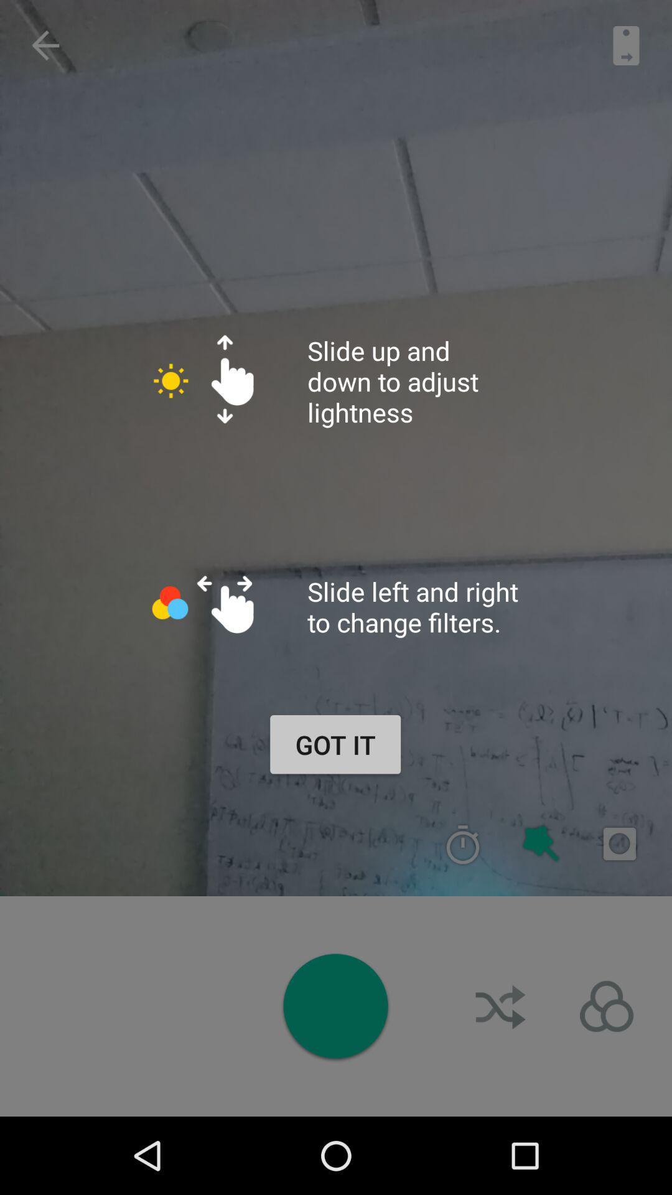  Describe the element at coordinates (45, 45) in the screenshot. I see `previous page` at that location.